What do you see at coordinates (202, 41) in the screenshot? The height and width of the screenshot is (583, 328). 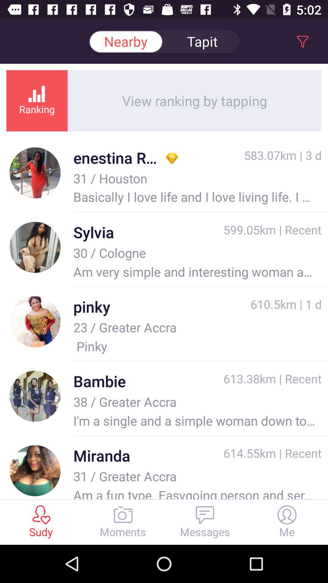 I see `item above view ranking by item` at bounding box center [202, 41].